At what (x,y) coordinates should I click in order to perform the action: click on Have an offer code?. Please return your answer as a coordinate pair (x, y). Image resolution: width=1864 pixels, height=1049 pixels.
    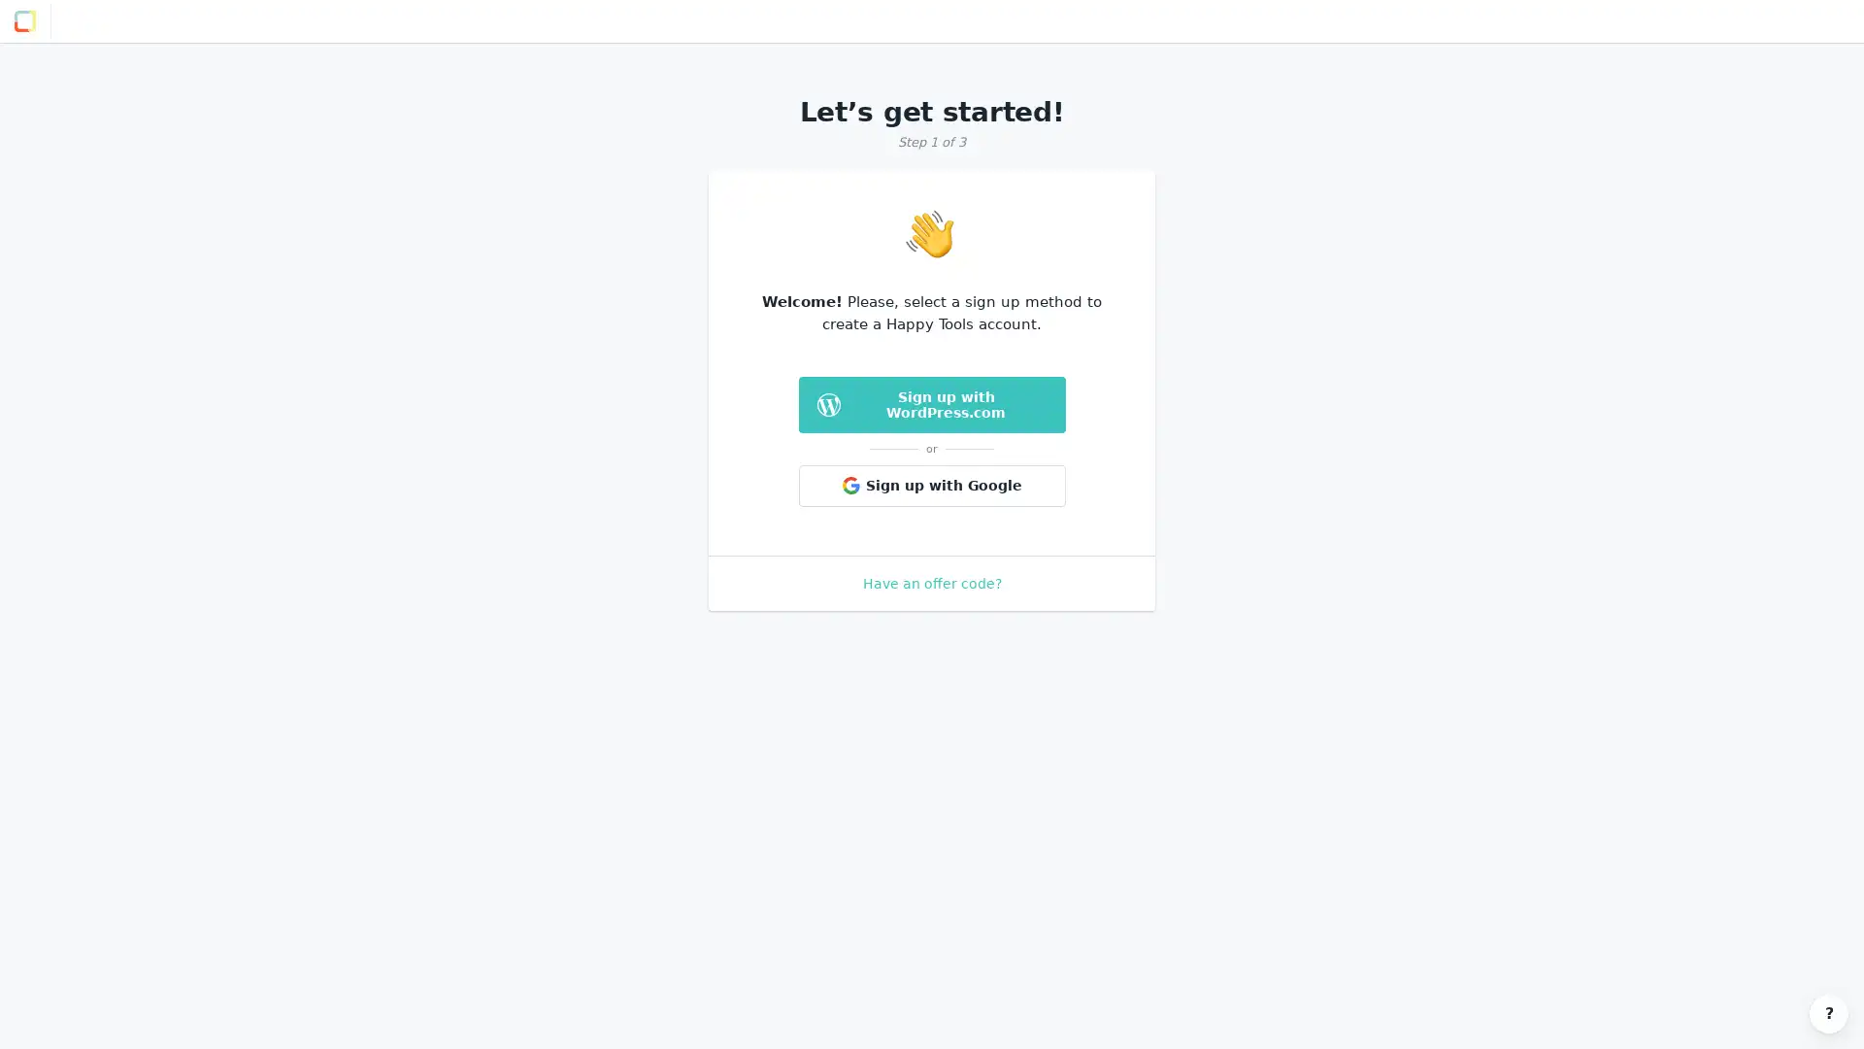
    Looking at the image, I should click on (930, 582).